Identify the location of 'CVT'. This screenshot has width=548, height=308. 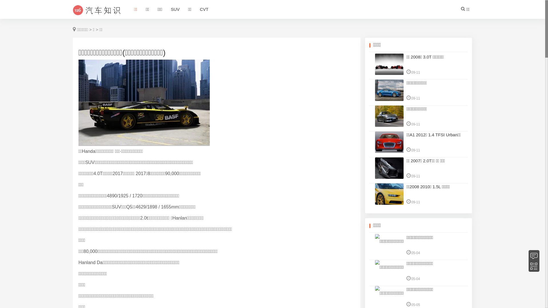
(196, 10).